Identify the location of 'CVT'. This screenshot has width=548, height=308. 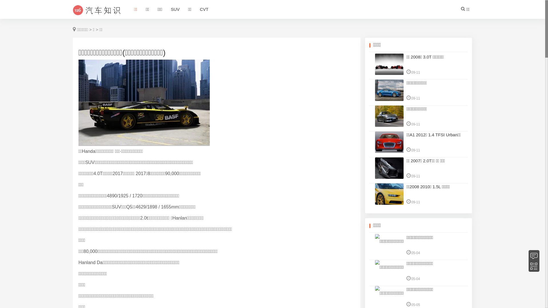
(196, 10).